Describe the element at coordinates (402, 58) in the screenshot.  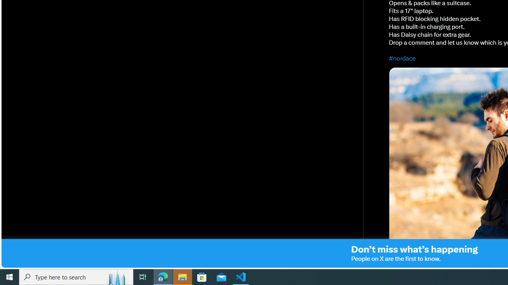
I see `'#nordace'` at that location.